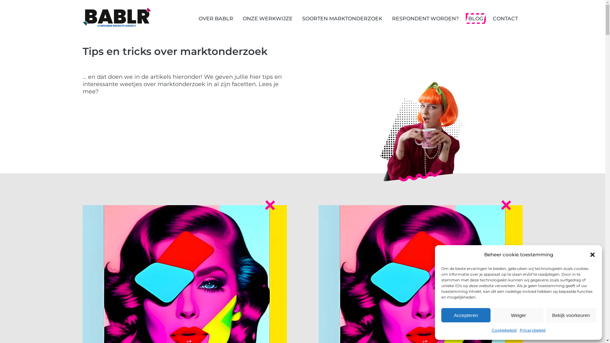 The image size is (610, 343). Describe the element at coordinates (571, 315) in the screenshot. I see `'Bekijk voorkeuren'` at that location.